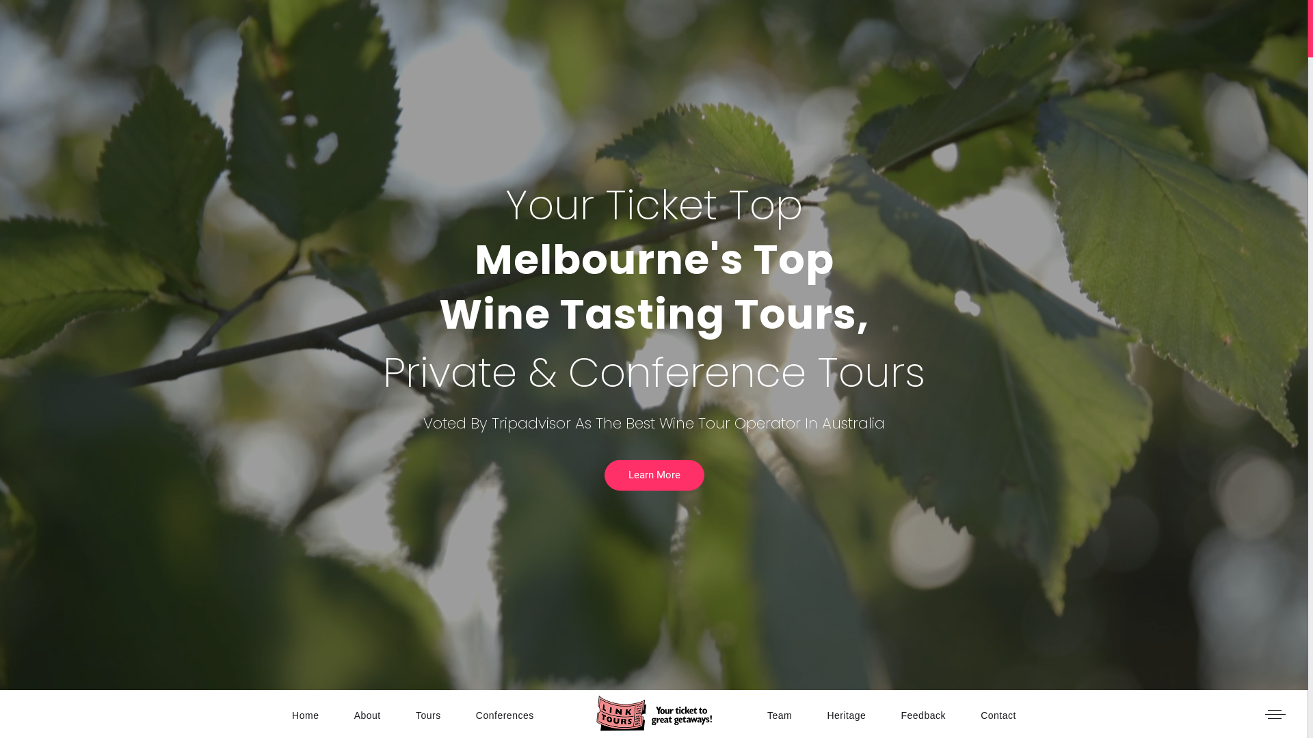  Describe the element at coordinates (998, 713) in the screenshot. I see `'Contact'` at that location.